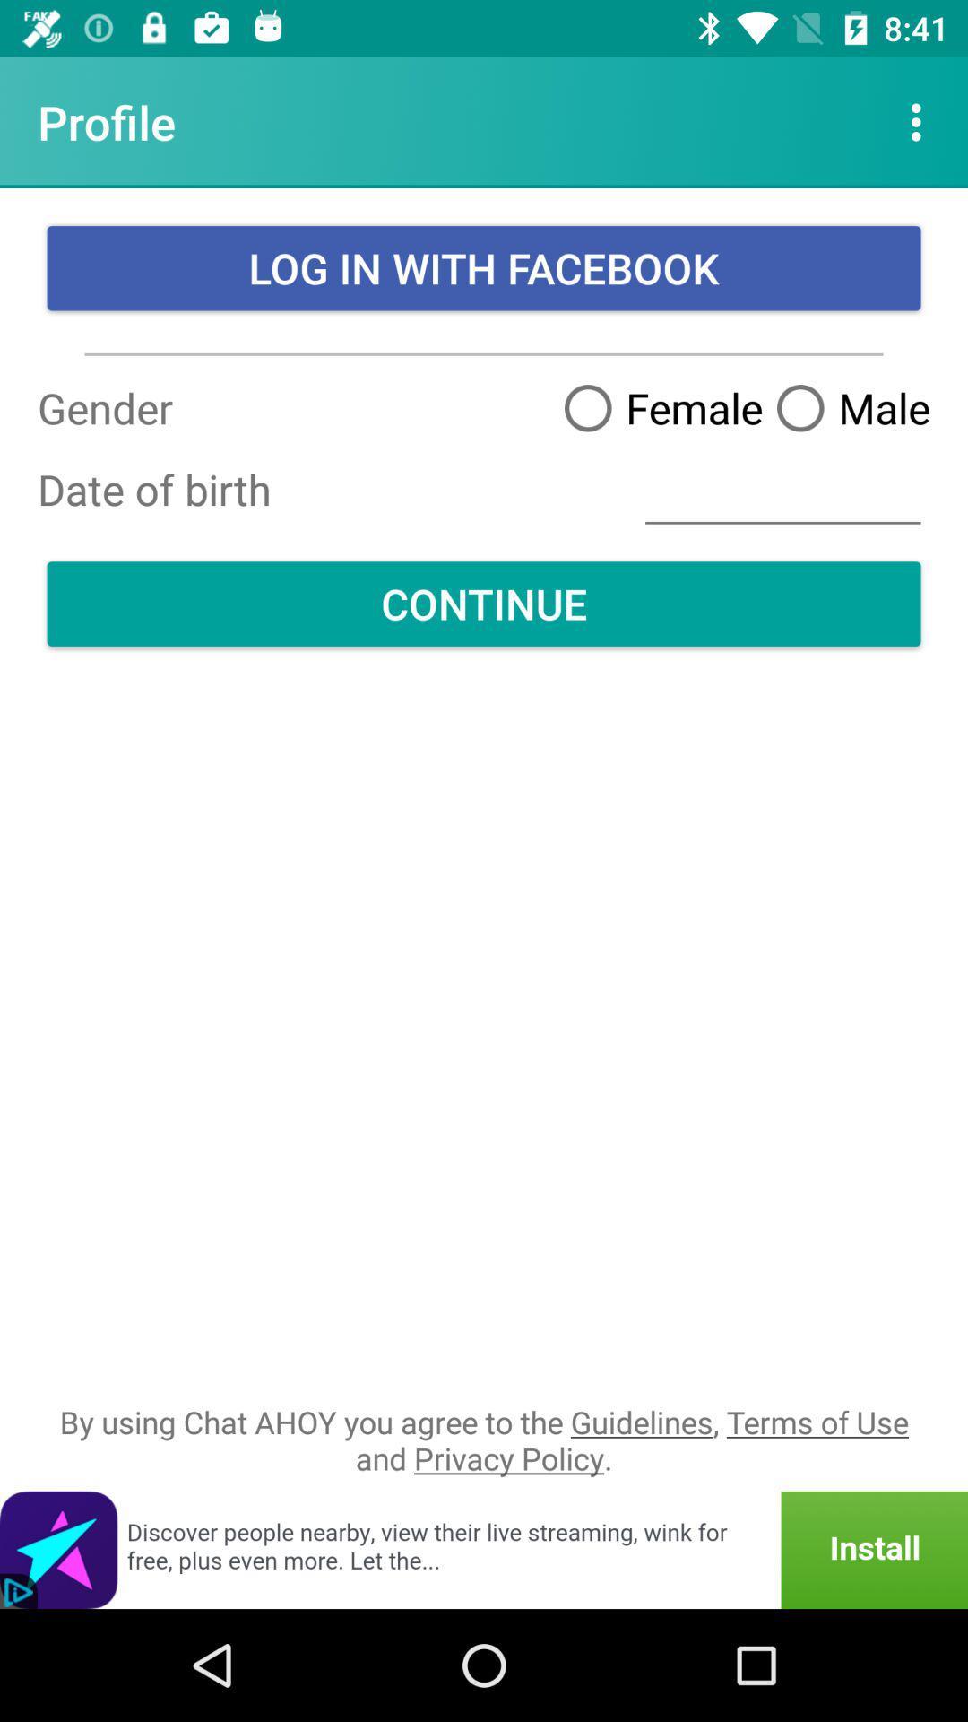  Describe the element at coordinates (484, 604) in the screenshot. I see `the continue item` at that location.